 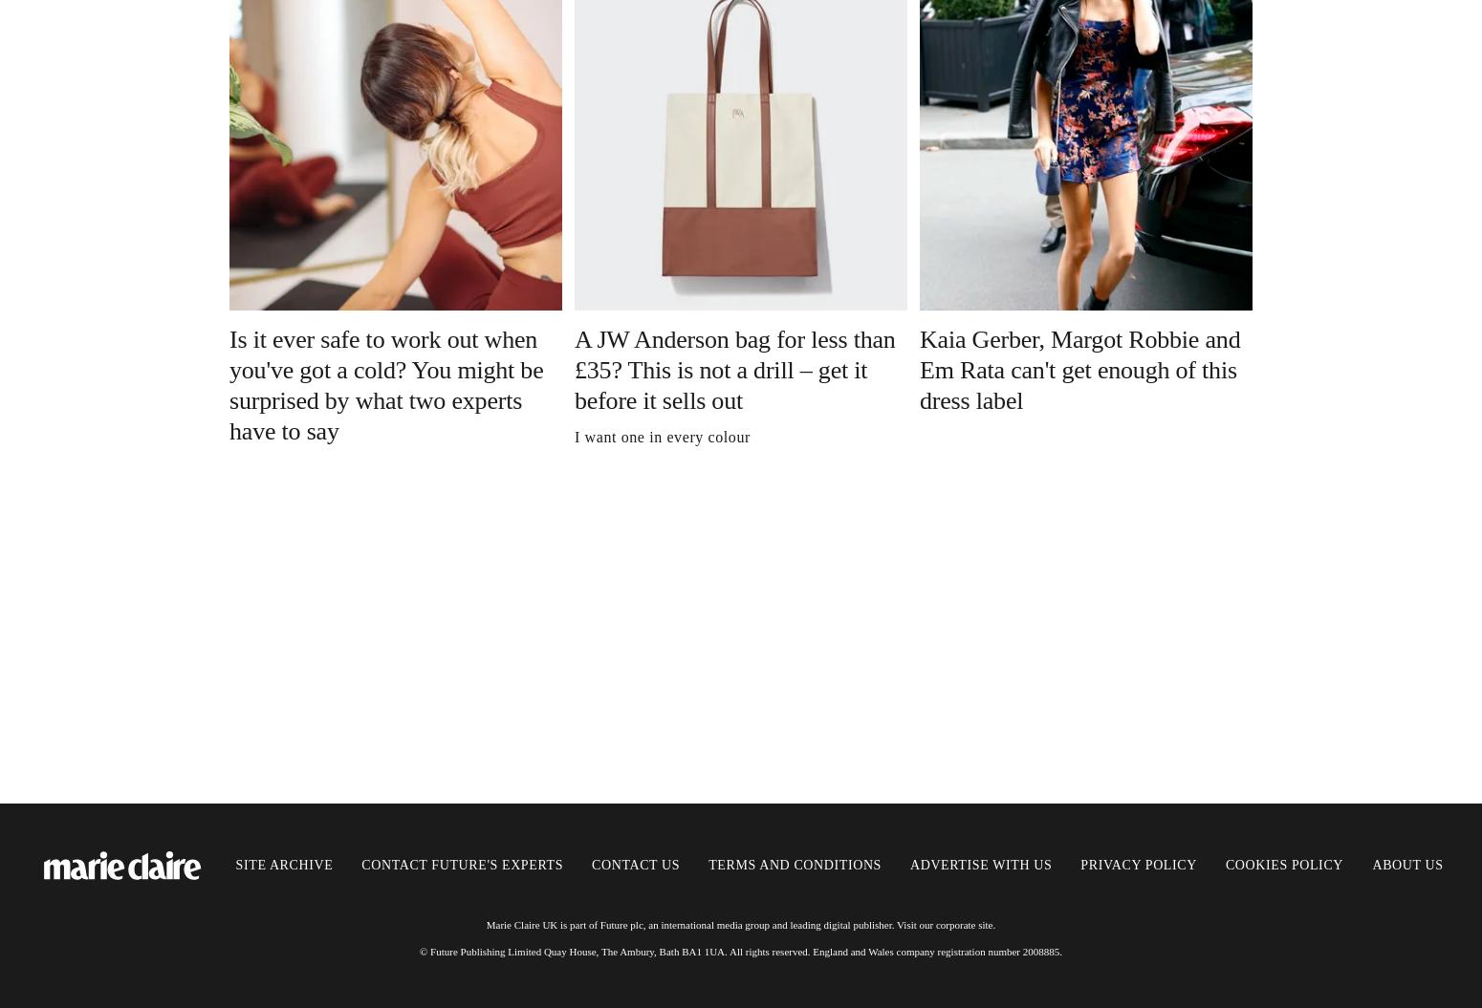 What do you see at coordinates (634, 864) in the screenshot?
I see `'Contact us'` at bounding box center [634, 864].